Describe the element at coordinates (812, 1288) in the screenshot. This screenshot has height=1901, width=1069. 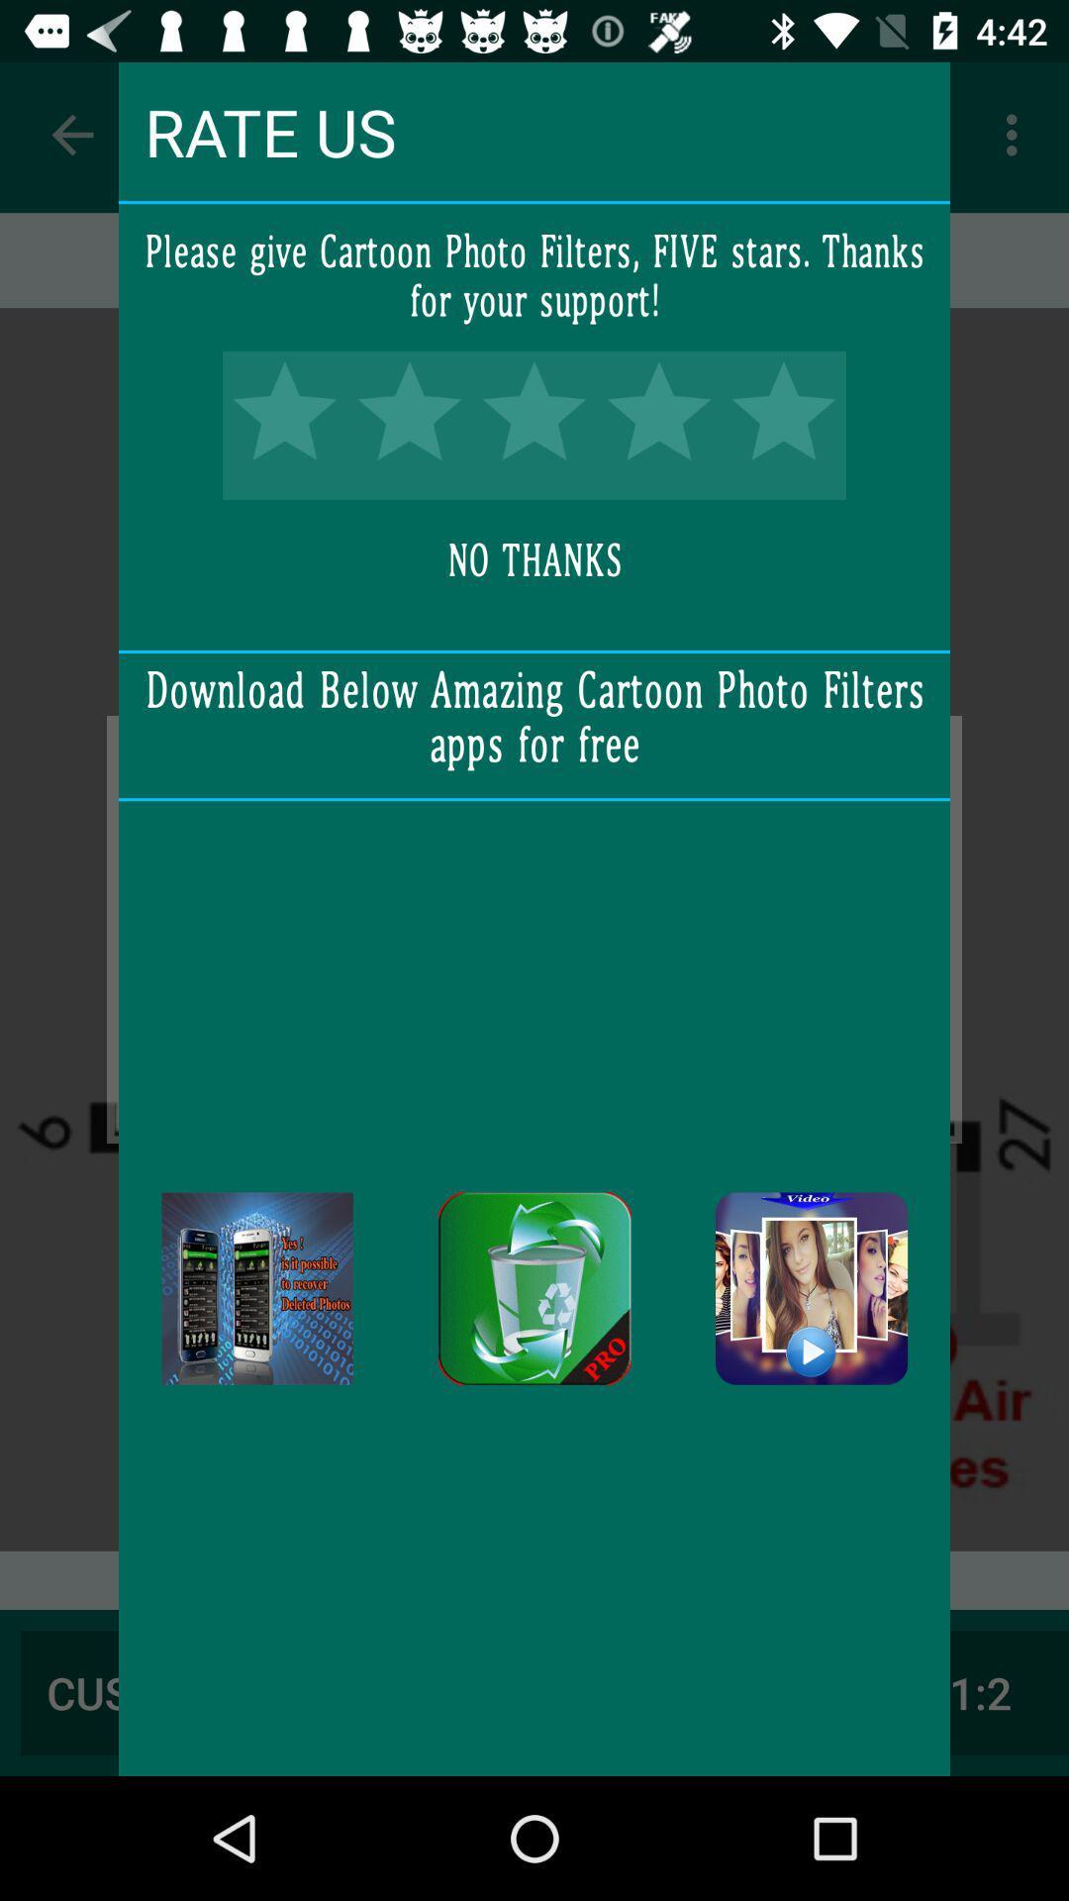
I see `icon at the bottom right corner` at that location.